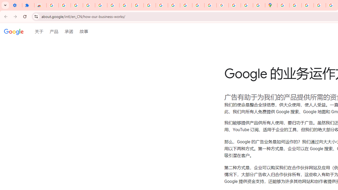  I want to click on 'Delete photos & videos - Computer - Google Photos Help', so click(76, 5).